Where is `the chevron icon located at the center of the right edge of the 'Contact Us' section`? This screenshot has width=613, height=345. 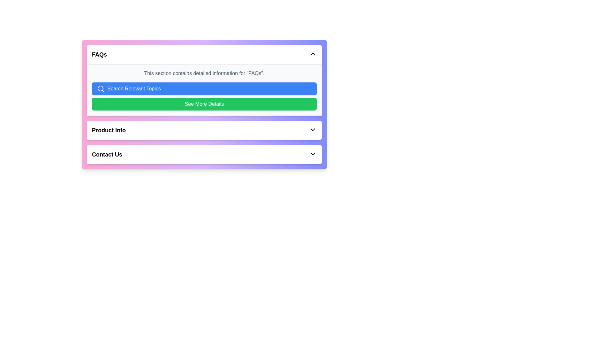
the chevron icon located at the center of the right edge of the 'Contact Us' section is located at coordinates (313, 154).